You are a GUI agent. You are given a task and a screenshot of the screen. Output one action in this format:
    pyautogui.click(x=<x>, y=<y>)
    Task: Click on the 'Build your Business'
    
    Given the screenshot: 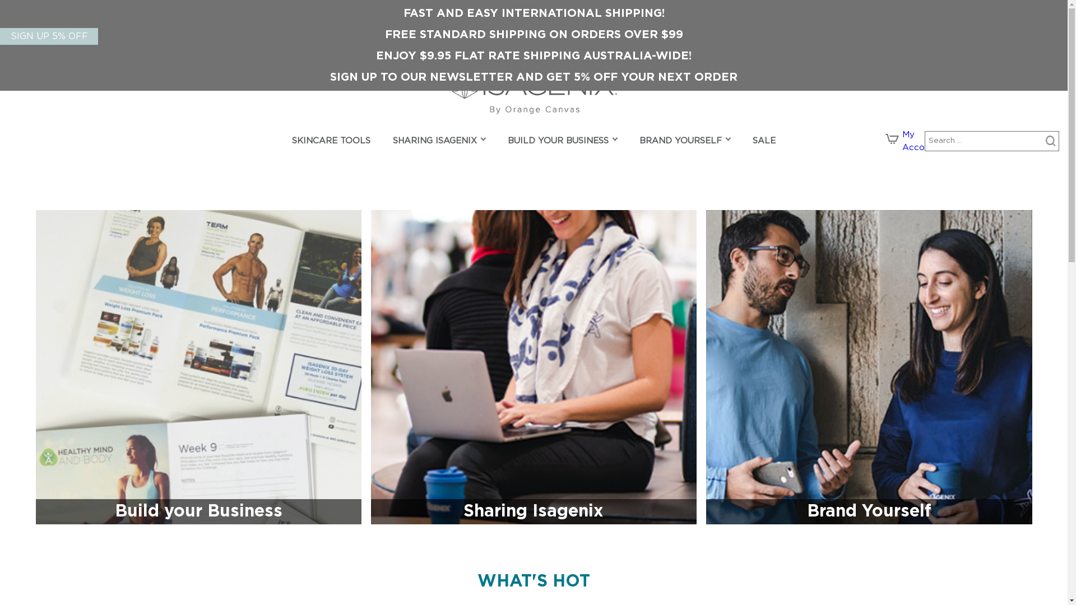 What is the action you would take?
    pyautogui.click(x=198, y=367)
    